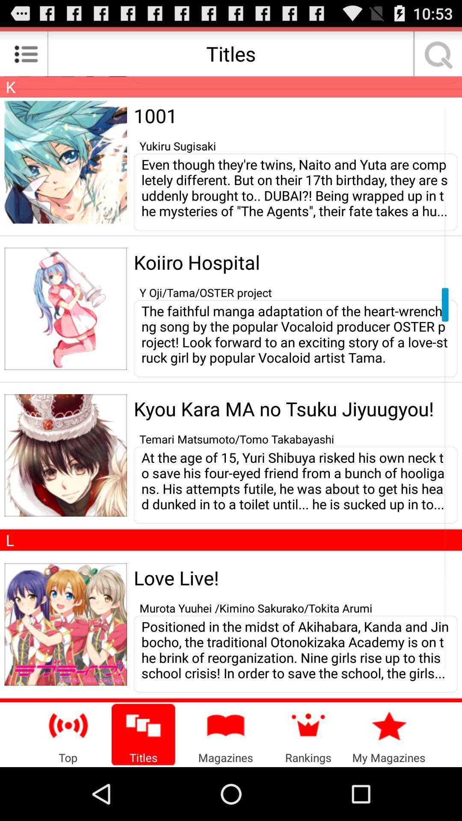 Image resolution: width=462 pixels, height=821 pixels. Describe the element at coordinates (435, 57) in the screenshot. I see `the search icon` at that location.